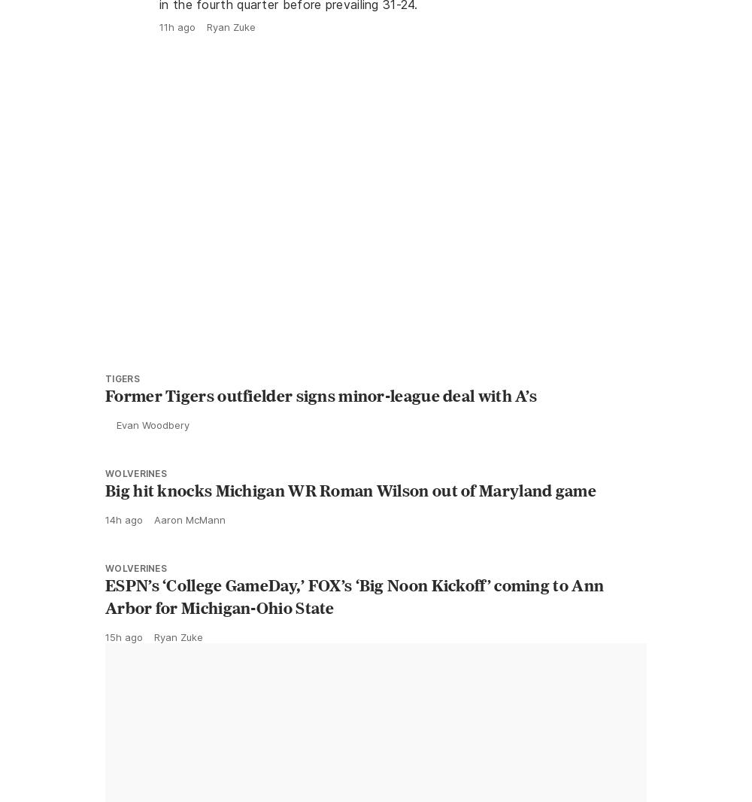  I want to click on '11h ago', so click(159, 59).